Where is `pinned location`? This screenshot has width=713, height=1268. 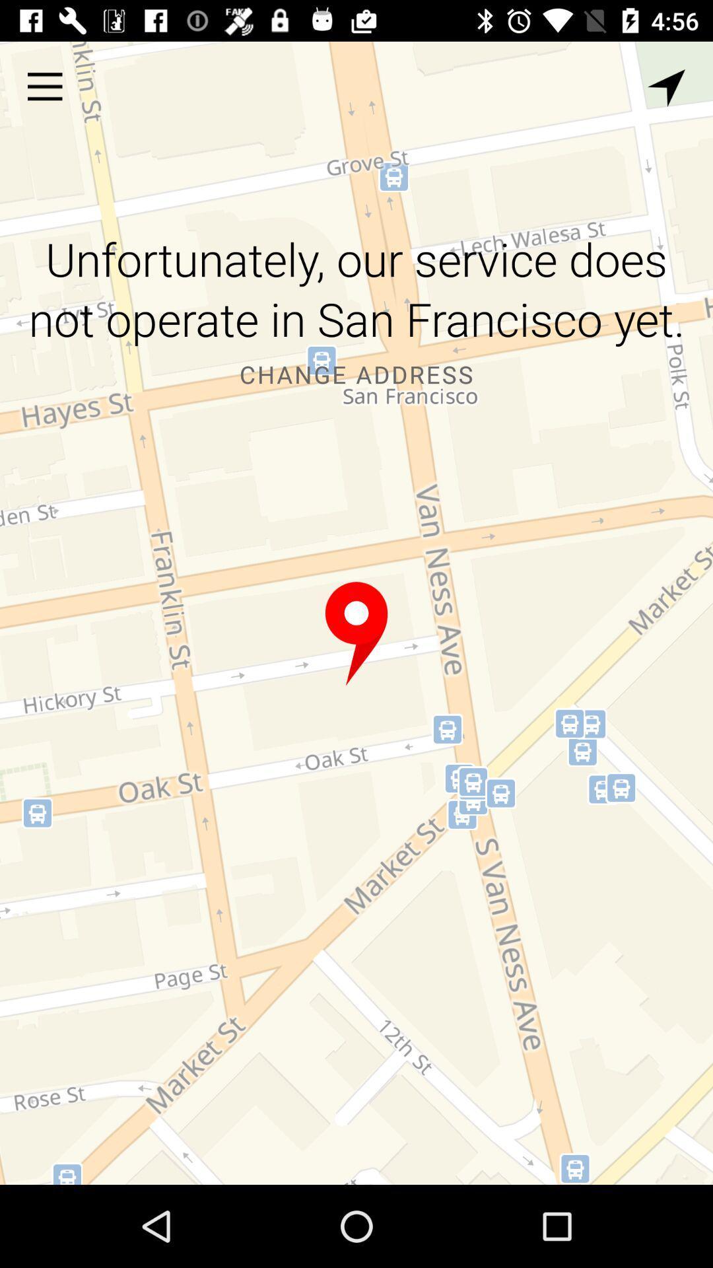
pinned location is located at coordinates (356, 634).